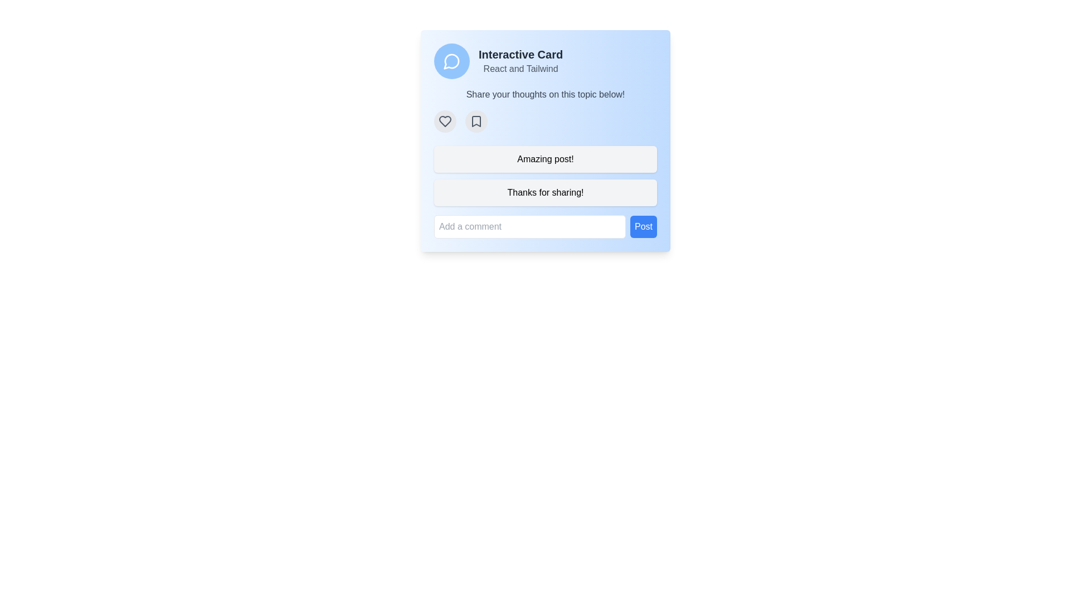  Describe the element at coordinates (444, 122) in the screenshot. I see `the 'Like' button located to the left of the bookmark icon in the horizontal group of circular icon buttons under the header 'Share your thoughts on this topic below!'` at that location.